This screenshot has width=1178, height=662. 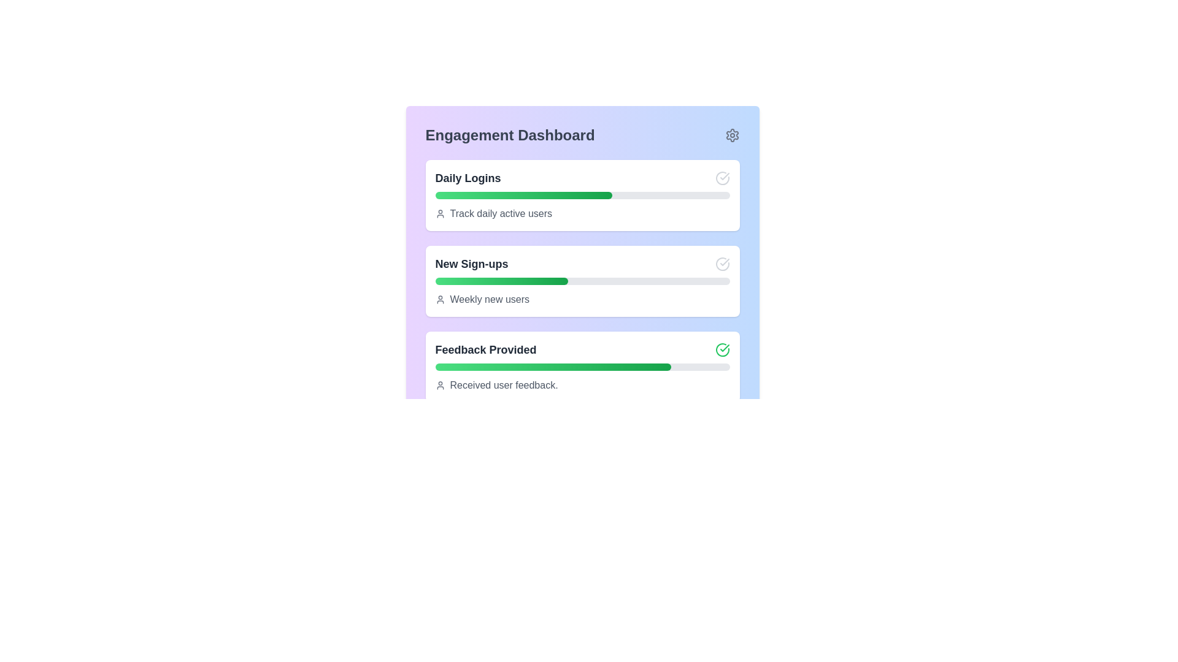 What do you see at coordinates (724, 348) in the screenshot?
I see `the status of the success indicator icon located in the 'Feedback Provided' section, which symbolizes a positive status` at bounding box center [724, 348].